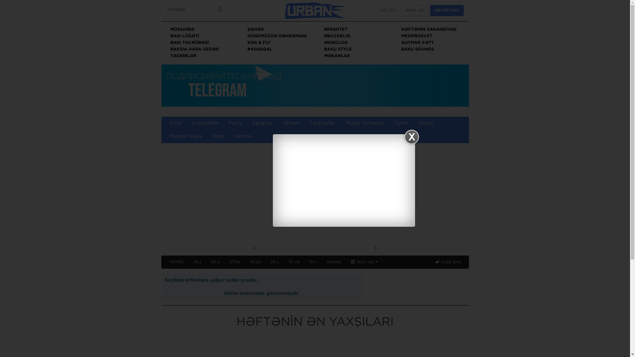 This screenshot has height=357, width=635. Describe the element at coordinates (258, 43) in the screenshot. I see `'KISS & FLY'` at that location.